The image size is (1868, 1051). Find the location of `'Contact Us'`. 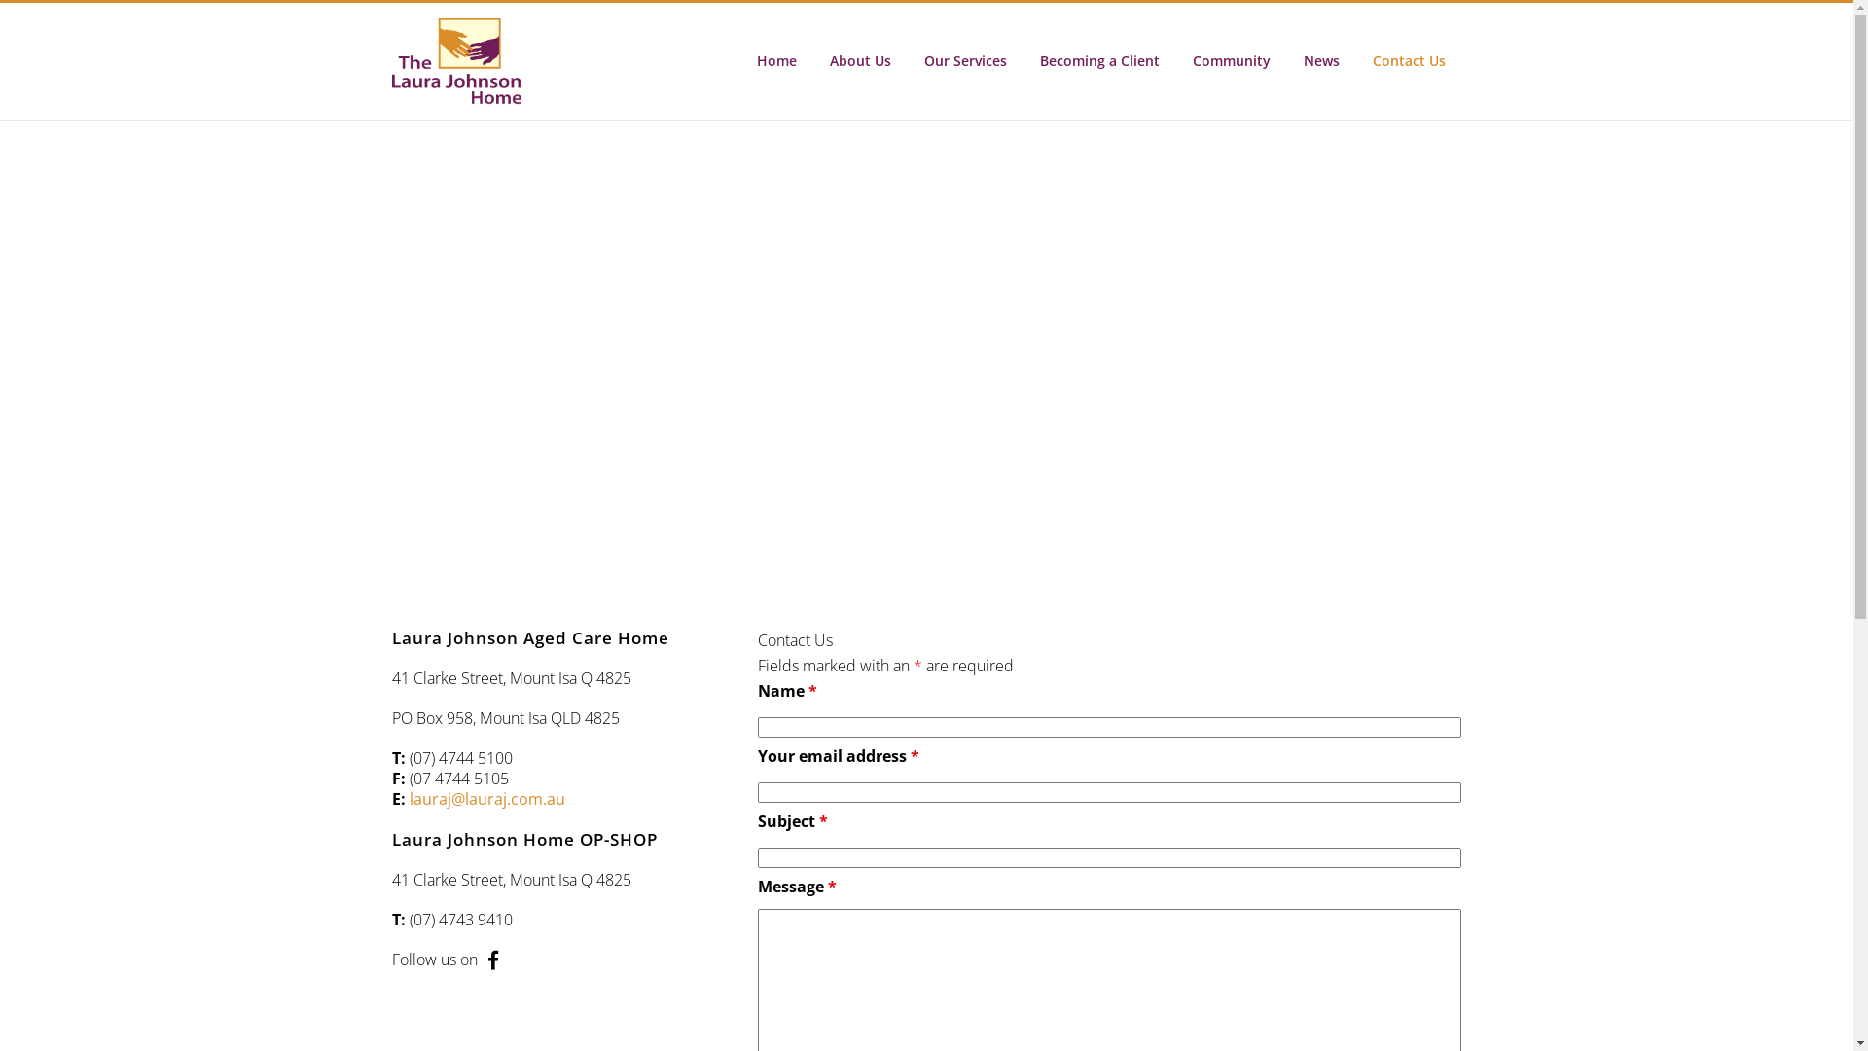

'Contact Us' is located at coordinates (1409, 59).